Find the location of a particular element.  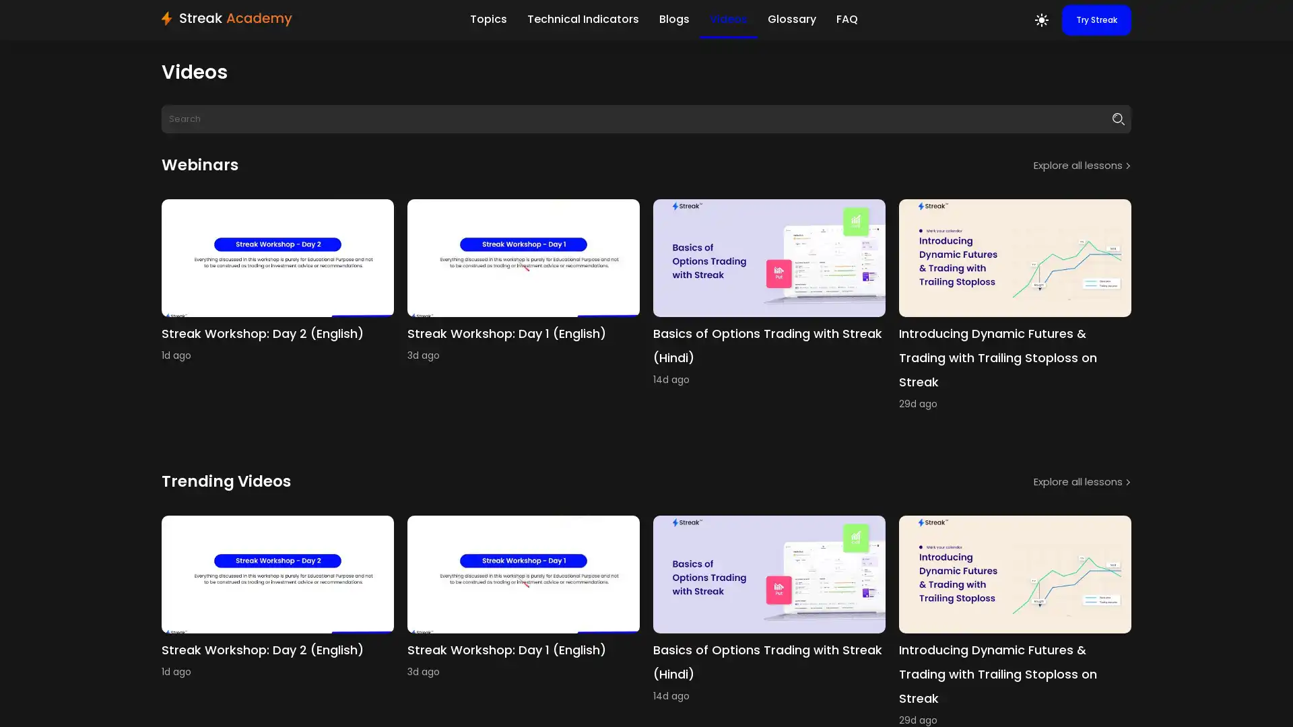

Glossary is located at coordinates (791, 18).